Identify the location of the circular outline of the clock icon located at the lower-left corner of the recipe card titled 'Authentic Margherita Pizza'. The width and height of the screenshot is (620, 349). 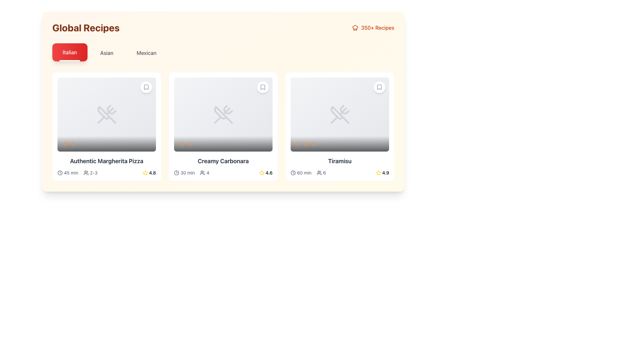
(60, 172).